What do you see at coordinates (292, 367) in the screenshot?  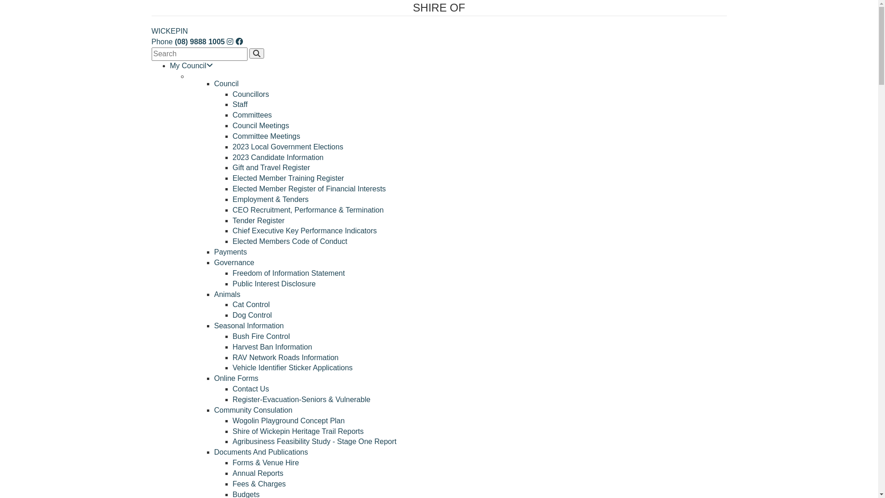 I see `'Vehicle Identifier Sticker Applications'` at bounding box center [292, 367].